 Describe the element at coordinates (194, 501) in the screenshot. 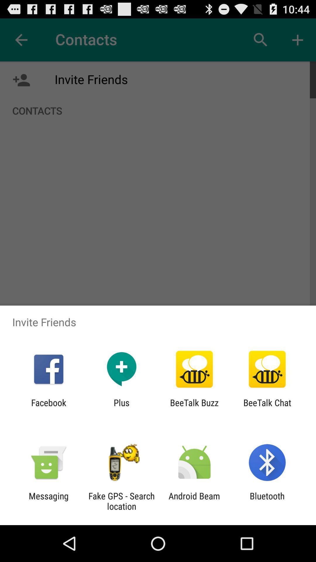

I see `android beam item` at that location.